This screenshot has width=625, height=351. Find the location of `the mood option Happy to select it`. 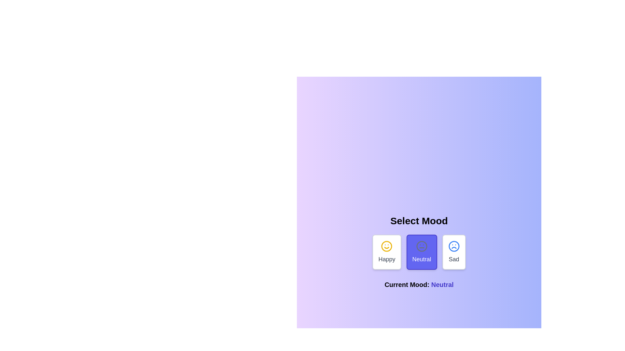

the mood option Happy to select it is located at coordinates (387, 252).